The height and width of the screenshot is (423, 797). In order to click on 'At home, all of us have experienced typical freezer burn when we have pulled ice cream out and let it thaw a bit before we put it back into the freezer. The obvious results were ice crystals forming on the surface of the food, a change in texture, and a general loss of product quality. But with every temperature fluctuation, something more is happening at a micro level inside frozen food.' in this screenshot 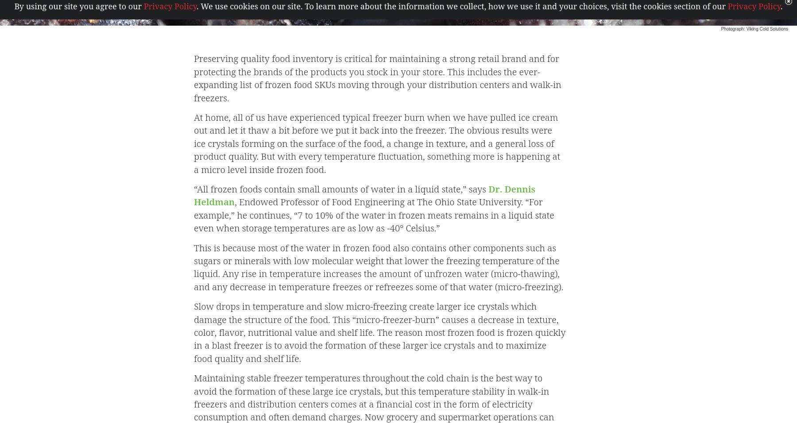, I will do `click(193, 142)`.